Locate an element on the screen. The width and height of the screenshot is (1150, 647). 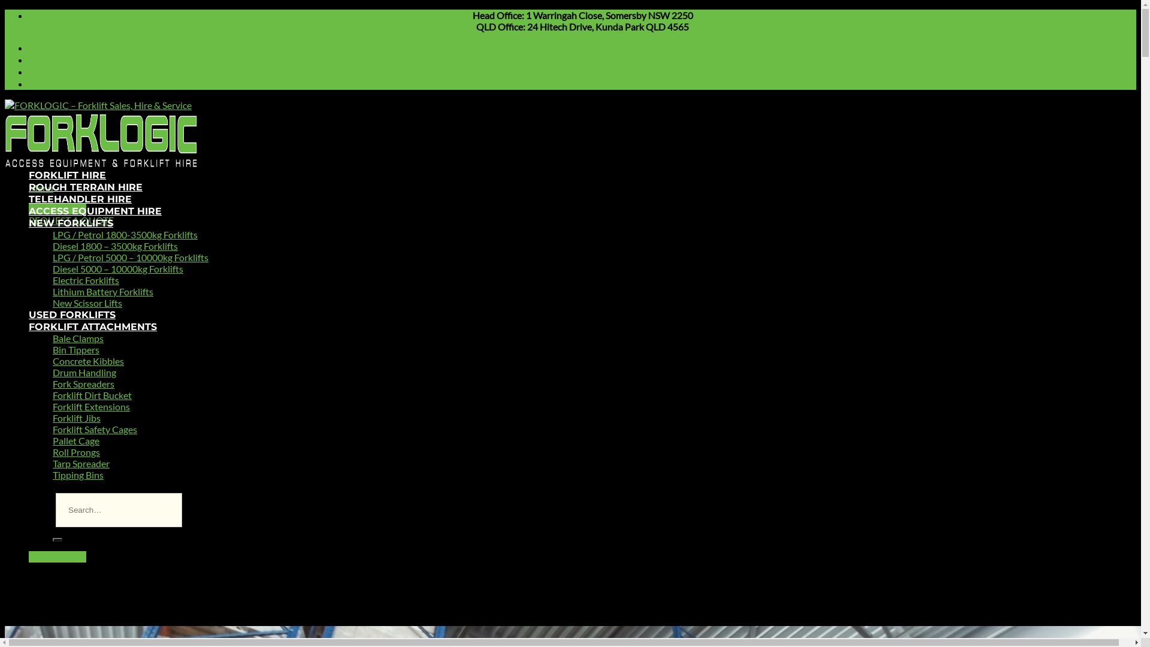
'Drum Handling' is located at coordinates (83, 371).